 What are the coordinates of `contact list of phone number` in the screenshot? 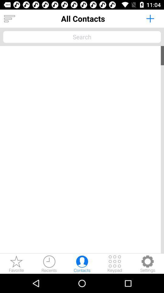 It's located at (82, 263).